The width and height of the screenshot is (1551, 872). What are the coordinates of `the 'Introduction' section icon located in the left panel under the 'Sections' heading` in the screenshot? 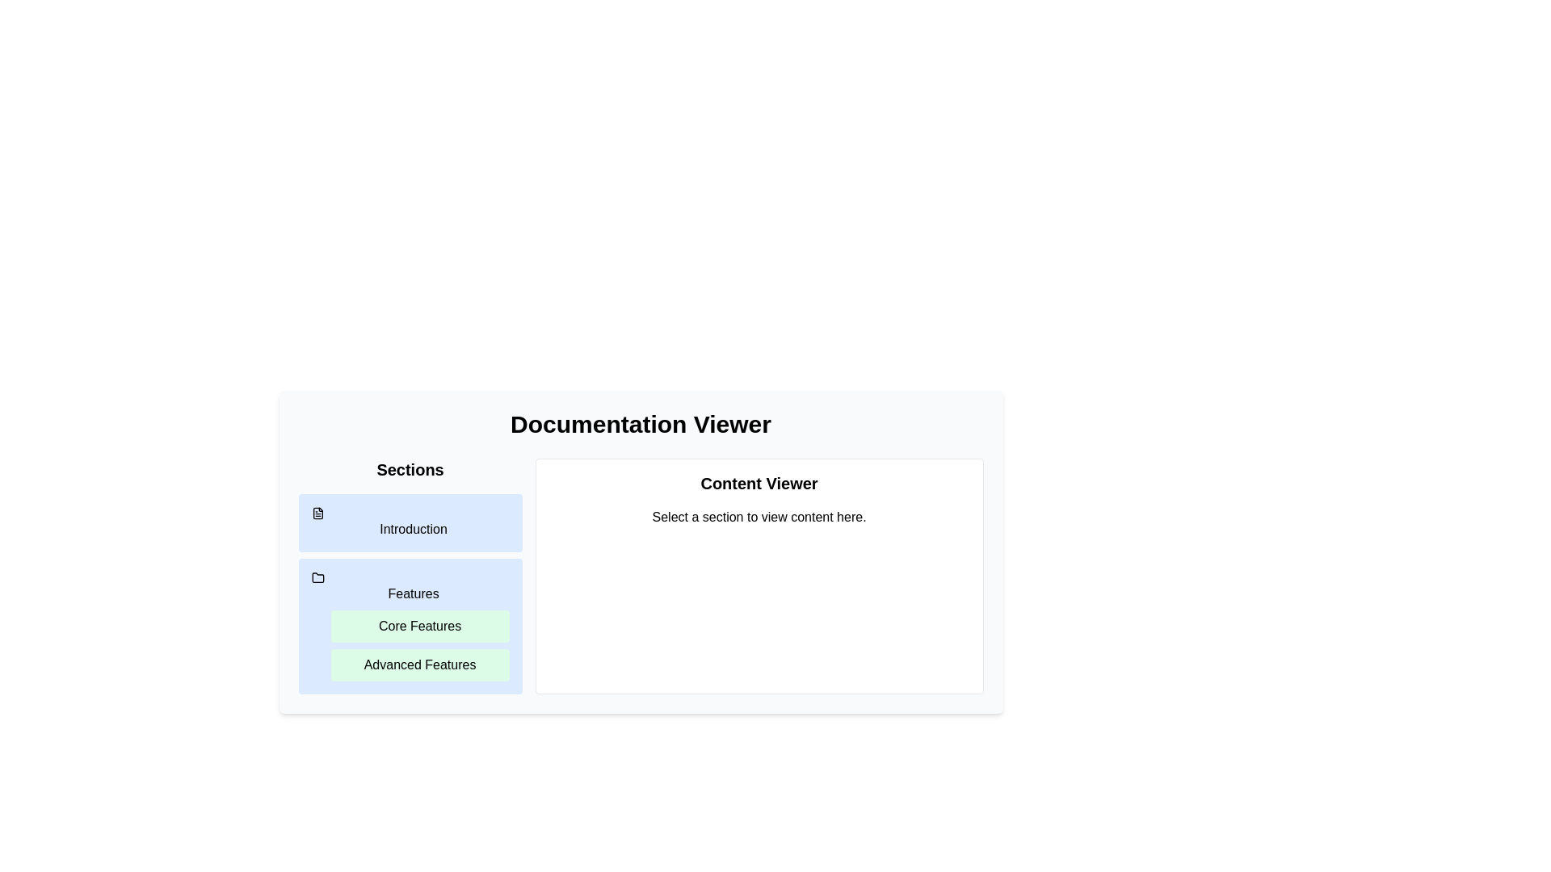 It's located at (317, 514).